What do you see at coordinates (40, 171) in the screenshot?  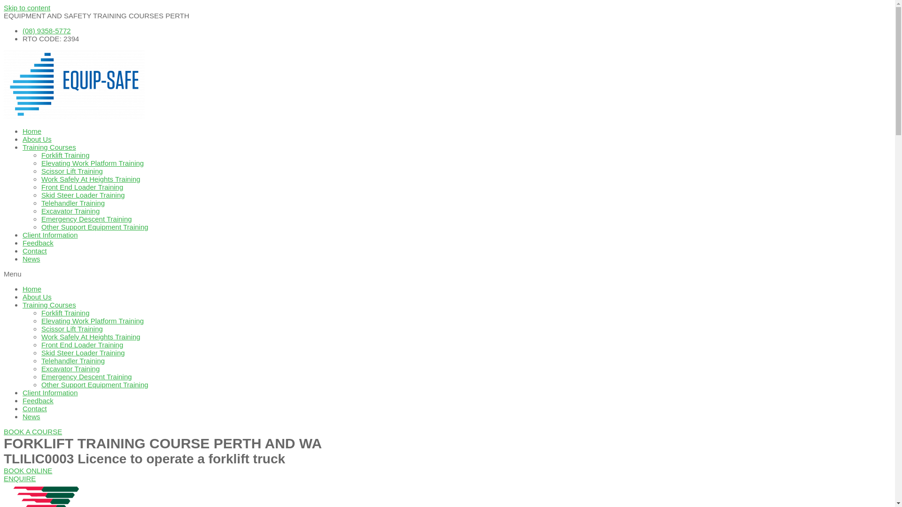 I see `'Scissor Lift Training'` at bounding box center [40, 171].